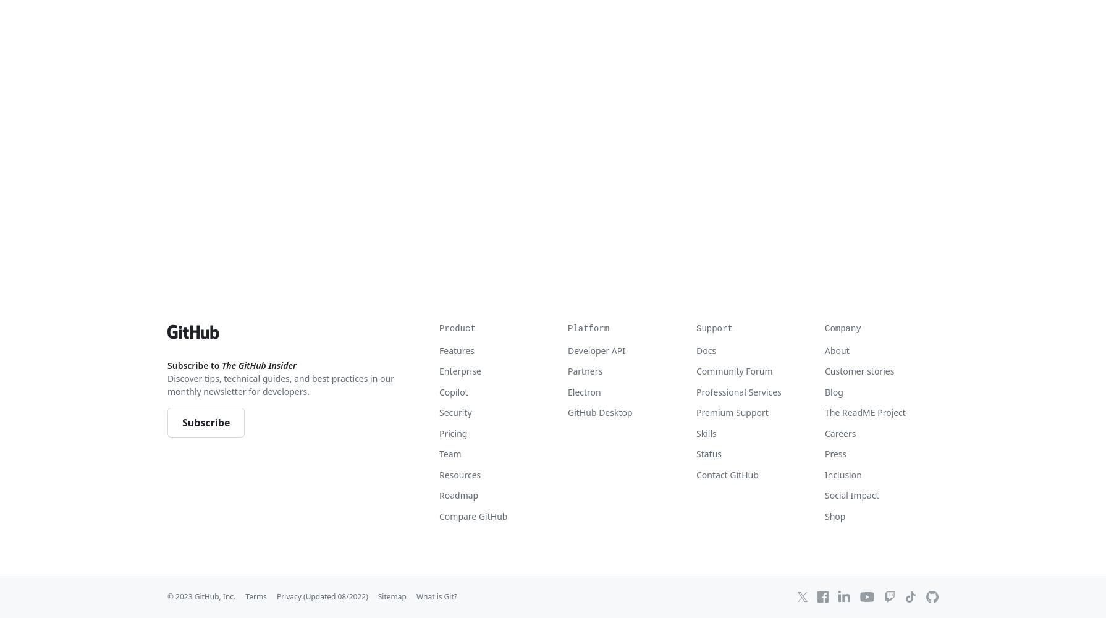  I want to click on 'Partners', so click(567, 370).